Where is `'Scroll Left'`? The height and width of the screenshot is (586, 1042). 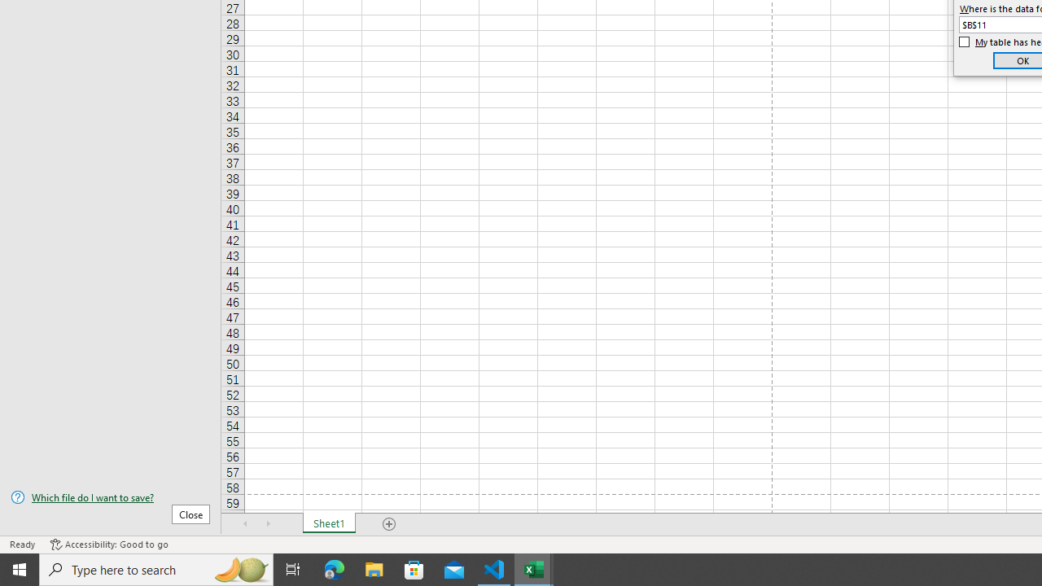
'Scroll Left' is located at coordinates (245, 524).